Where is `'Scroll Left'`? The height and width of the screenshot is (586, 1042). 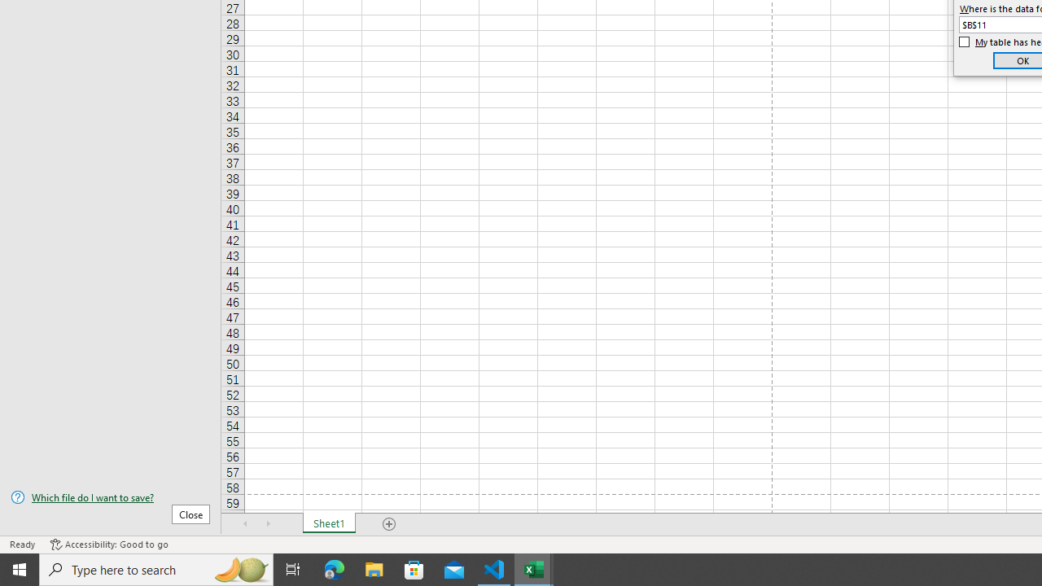
'Scroll Left' is located at coordinates (245, 524).